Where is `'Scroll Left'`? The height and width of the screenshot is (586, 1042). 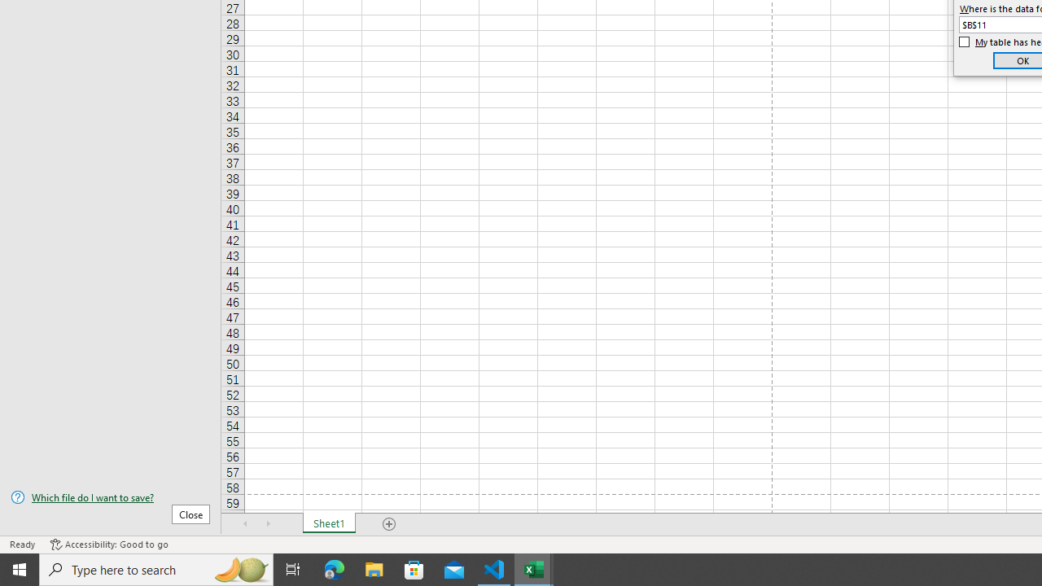
'Scroll Left' is located at coordinates (245, 524).